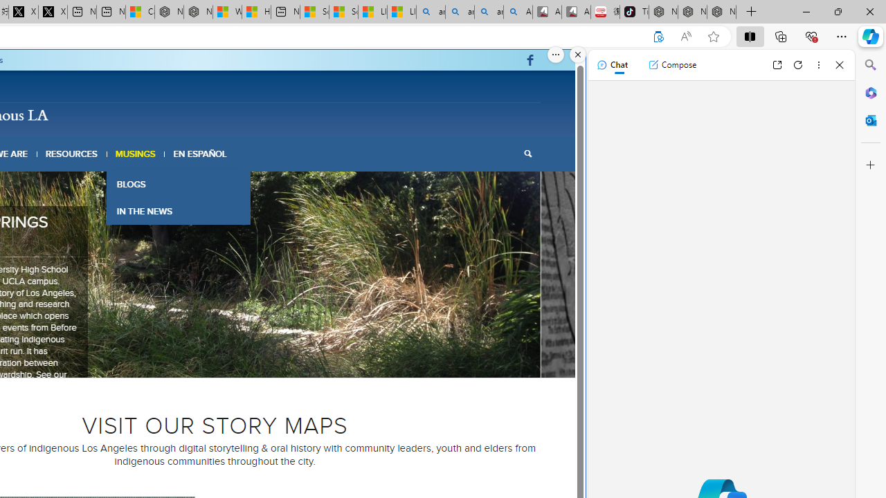 This screenshot has width=886, height=498. I want to click on 'Microsoft 365', so click(870, 92).